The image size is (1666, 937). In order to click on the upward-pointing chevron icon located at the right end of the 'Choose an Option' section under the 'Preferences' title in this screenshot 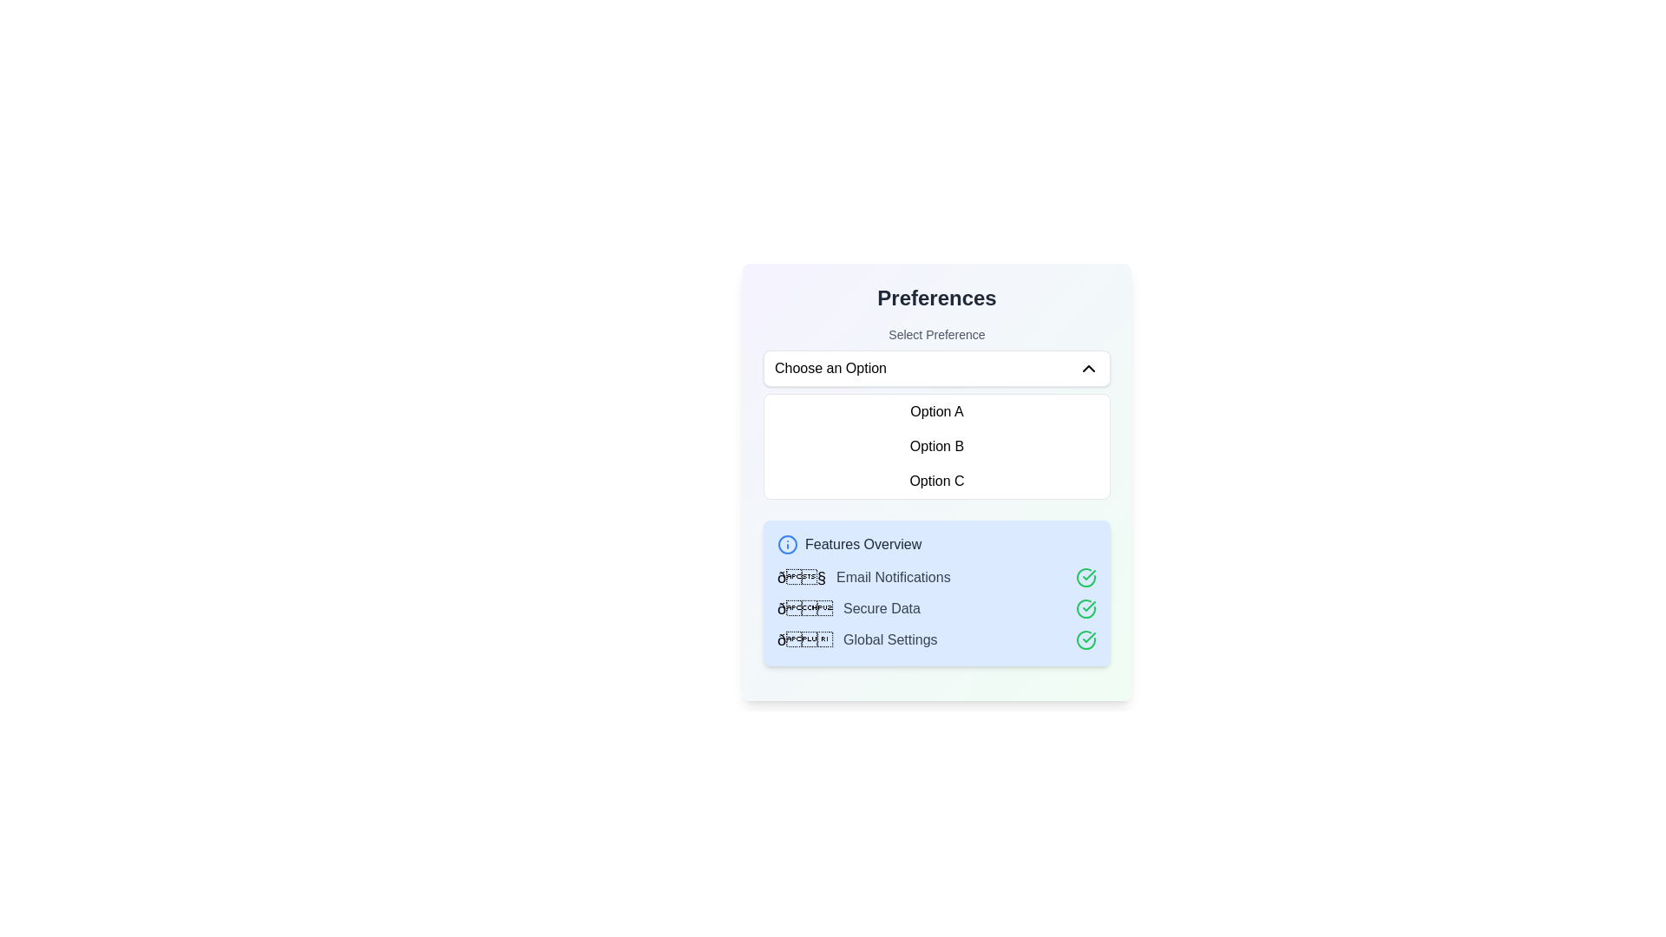, I will do `click(1087, 367)`.